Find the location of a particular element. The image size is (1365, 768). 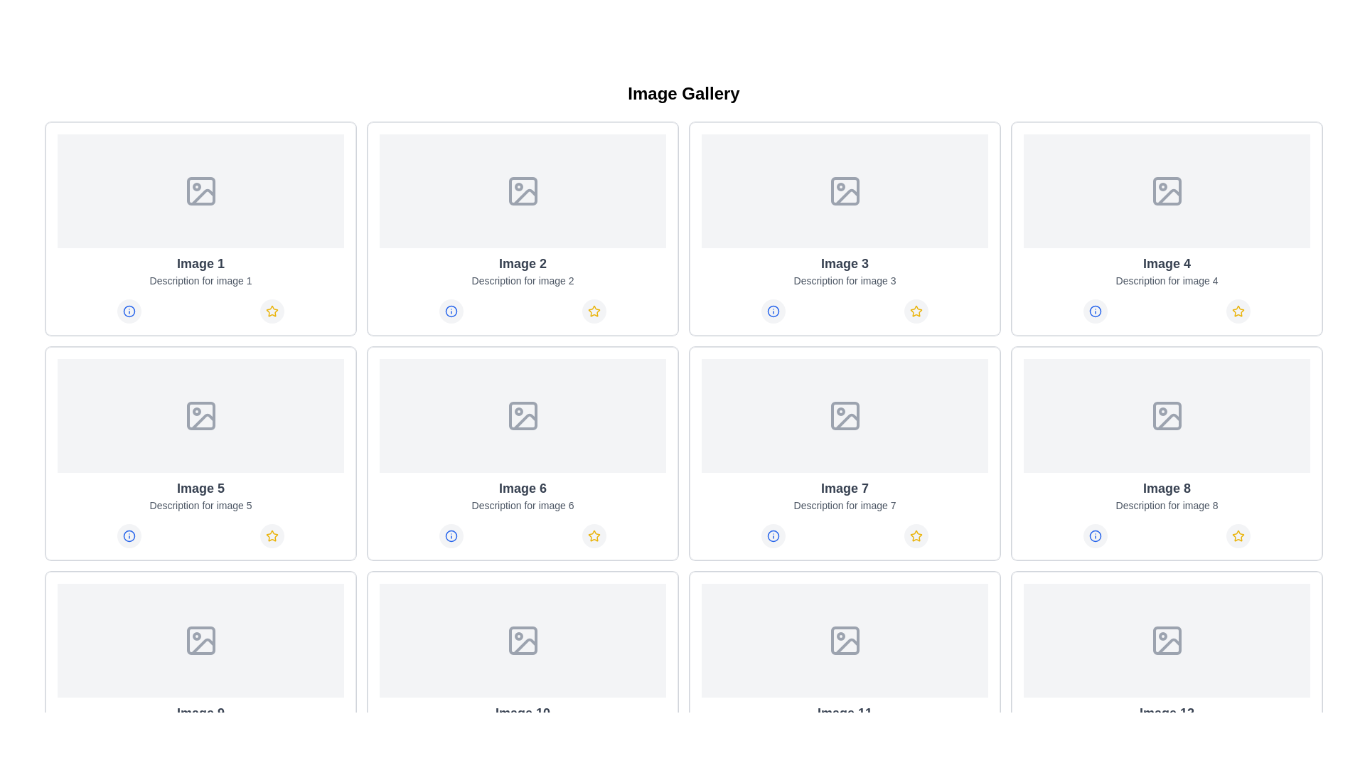

the favorite icon inside the interactive button located below the fourth image card in a 4x3 grid layout is located at coordinates (1238, 311).